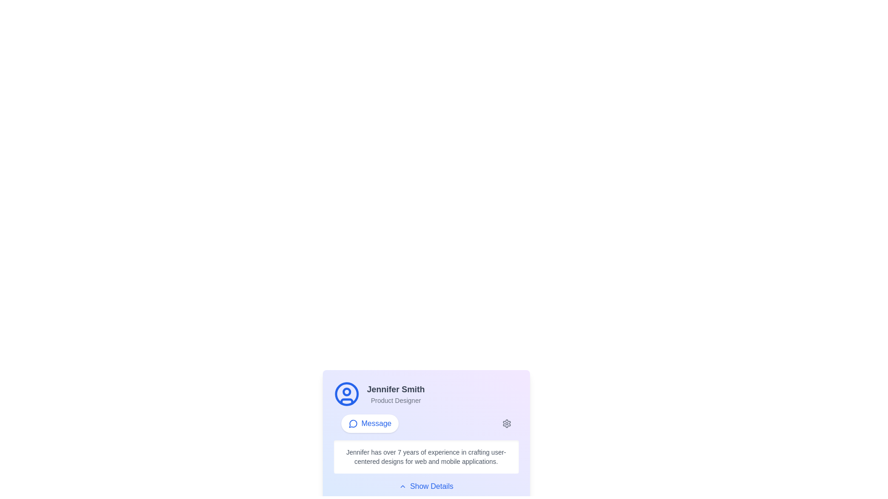  I want to click on descriptive text block located at the bottom of Jennifer's main profile card, just above the 'Show Details' link and below the 'Message' button, so click(425, 456).